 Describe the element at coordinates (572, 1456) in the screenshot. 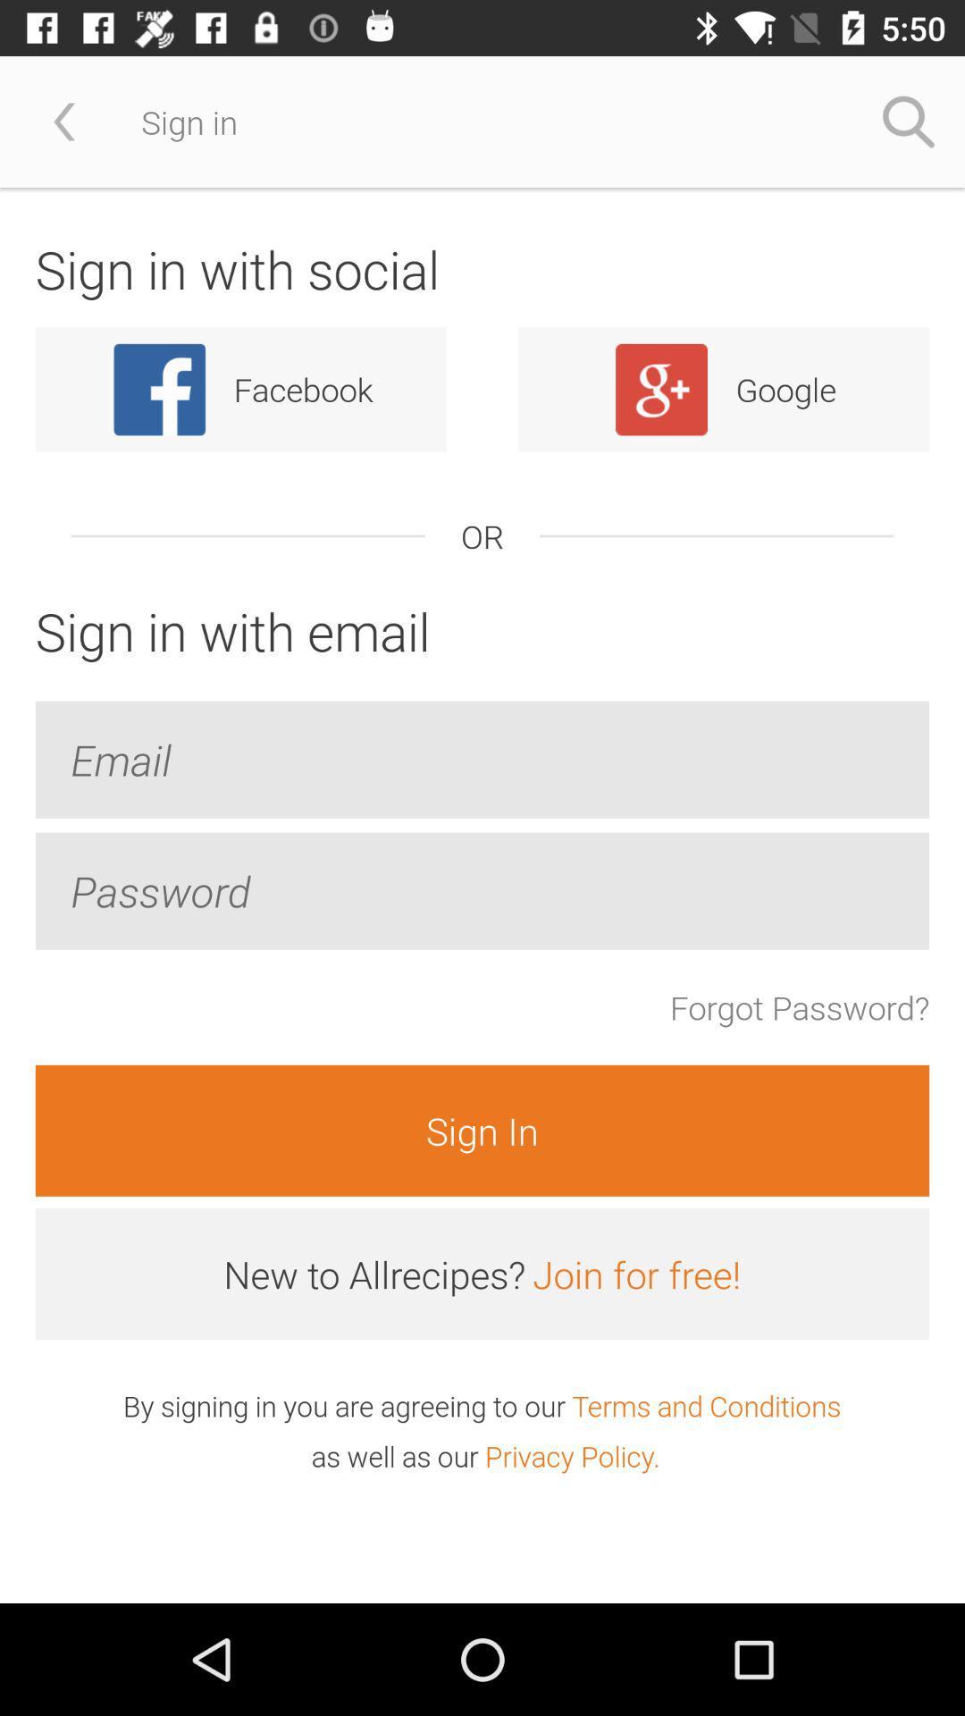

I see `the item below the by signing in` at that location.